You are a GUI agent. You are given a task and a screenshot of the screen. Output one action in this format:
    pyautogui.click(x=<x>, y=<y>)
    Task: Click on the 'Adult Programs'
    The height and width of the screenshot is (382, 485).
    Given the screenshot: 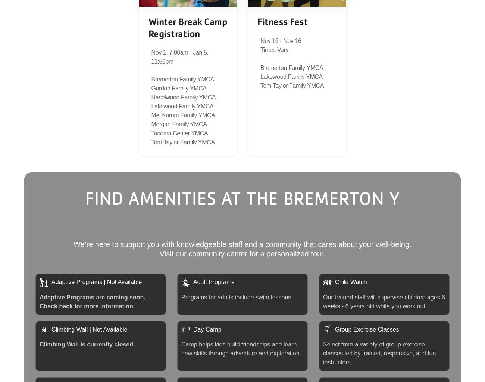 What is the action you would take?
    pyautogui.click(x=213, y=281)
    